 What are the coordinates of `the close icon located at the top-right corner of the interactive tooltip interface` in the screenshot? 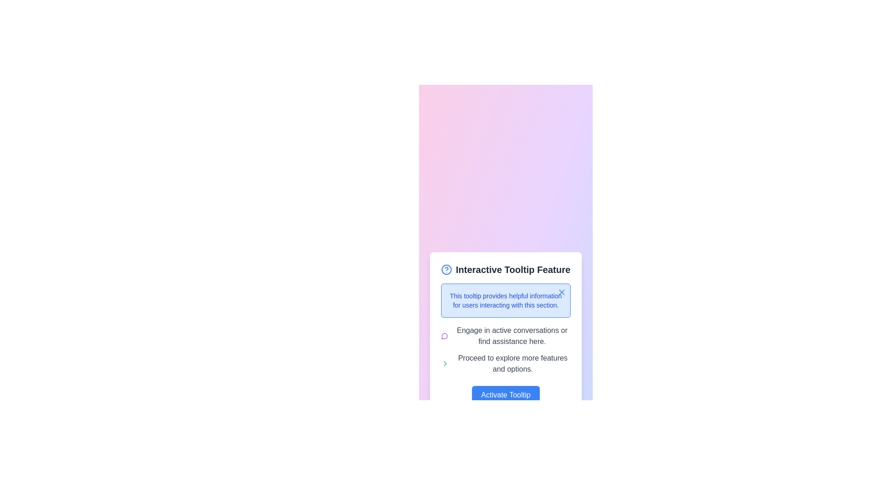 It's located at (561, 292).